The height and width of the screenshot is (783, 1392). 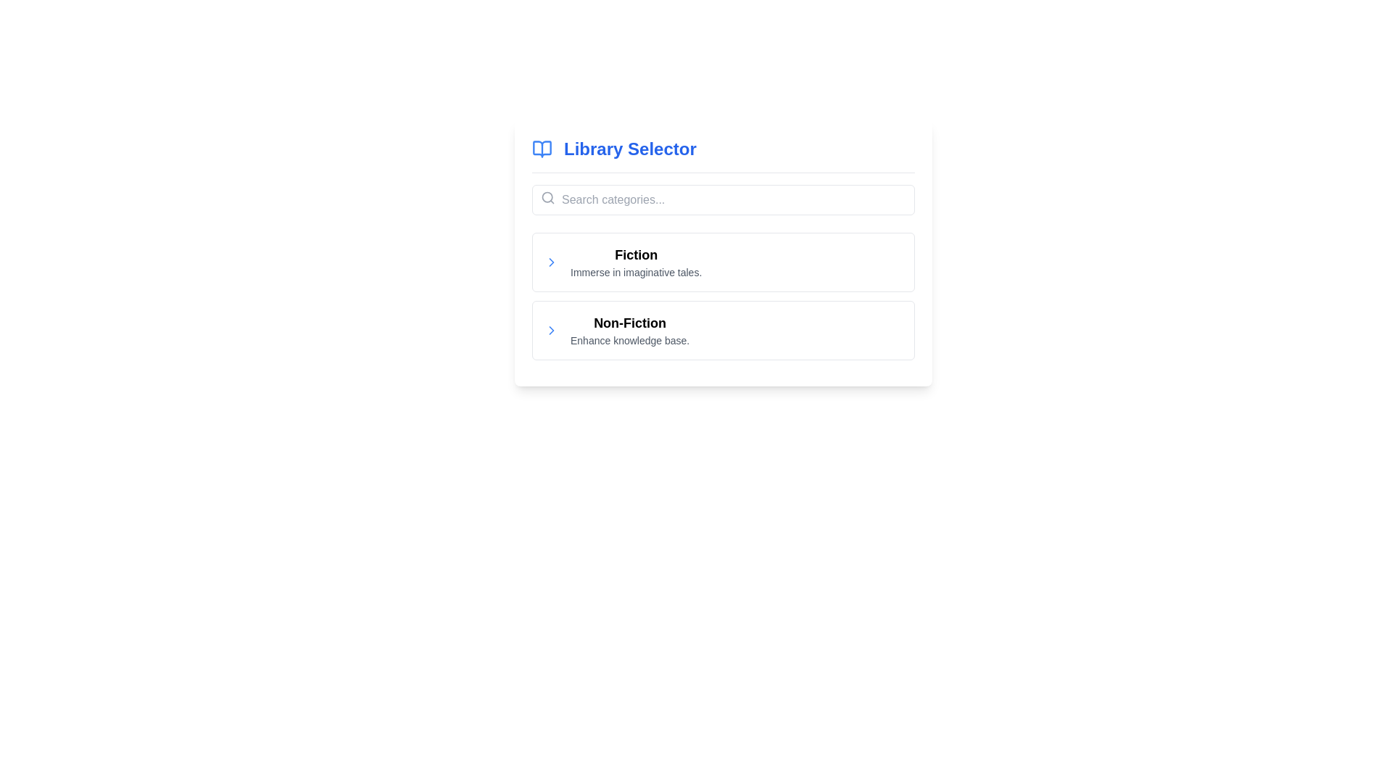 I want to click on the small gray magnifying glass icon located on the left side of the search bar, positioned before the placeholder text, so click(x=547, y=198).